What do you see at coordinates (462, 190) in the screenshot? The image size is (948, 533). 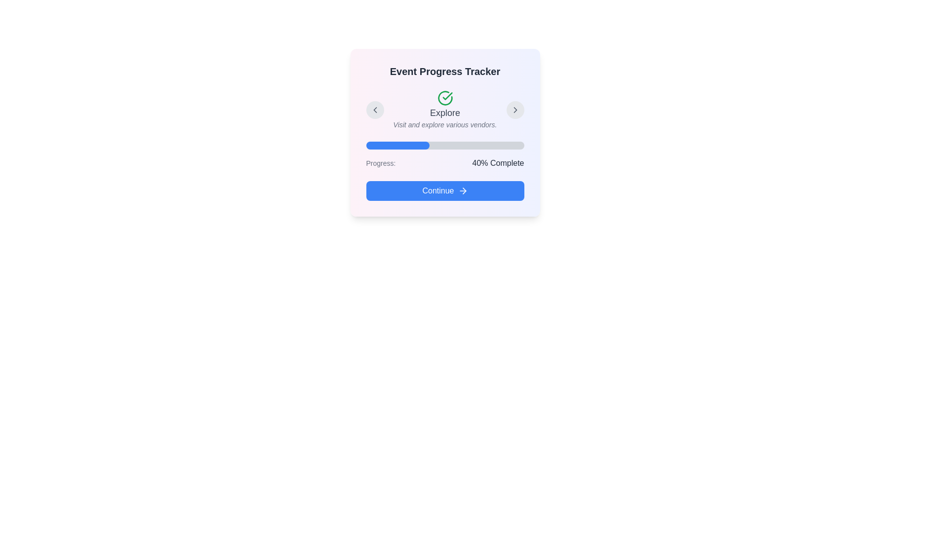 I see `the right-facing arrow icon located at the rightmost part of the 'Continue' button` at bounding box center [462, 190].